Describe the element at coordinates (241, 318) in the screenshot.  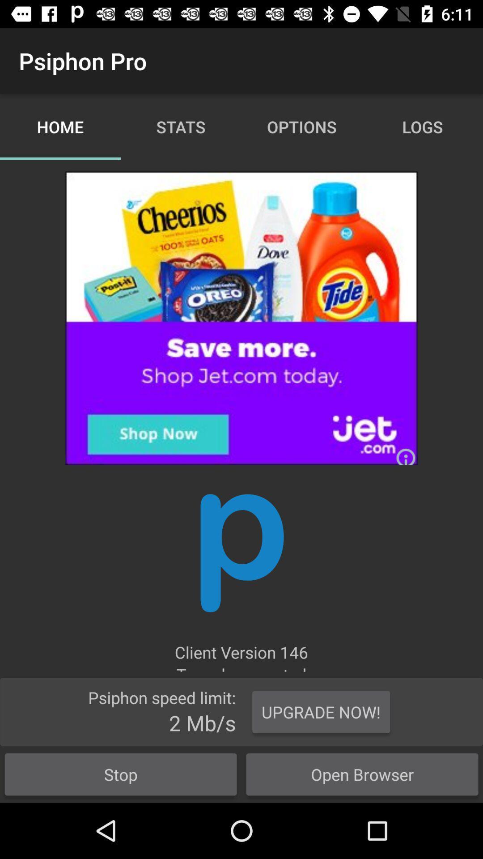
I see `advertisement` at that location.